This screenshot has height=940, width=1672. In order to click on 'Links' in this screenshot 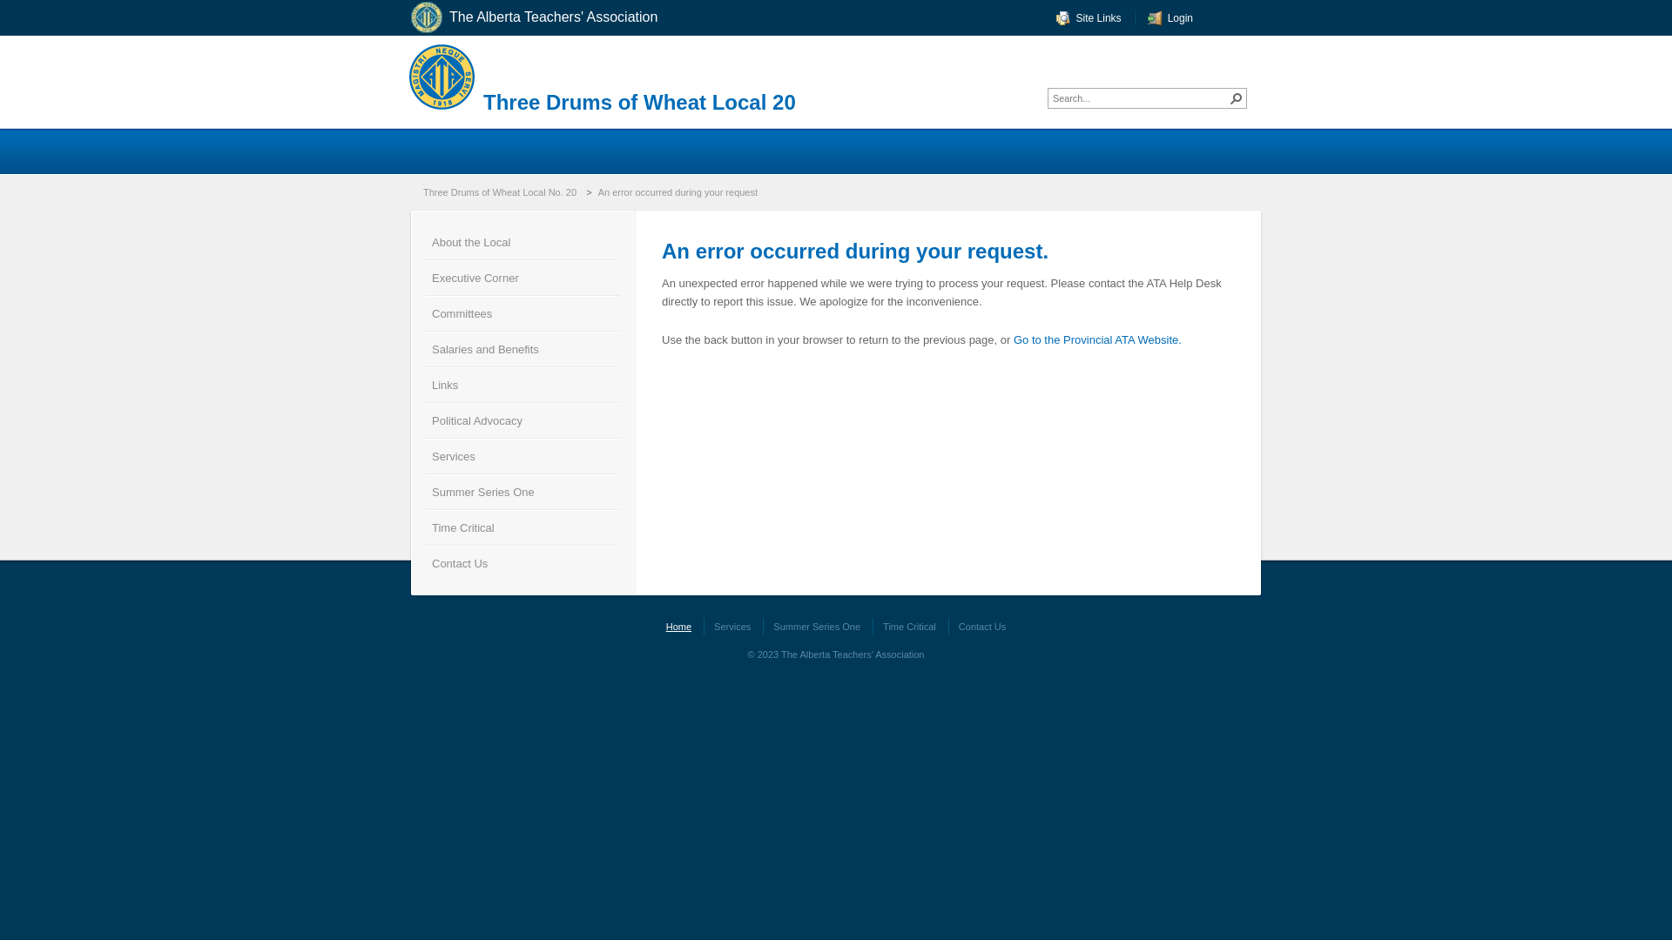, I will do `click(522, 383)`.